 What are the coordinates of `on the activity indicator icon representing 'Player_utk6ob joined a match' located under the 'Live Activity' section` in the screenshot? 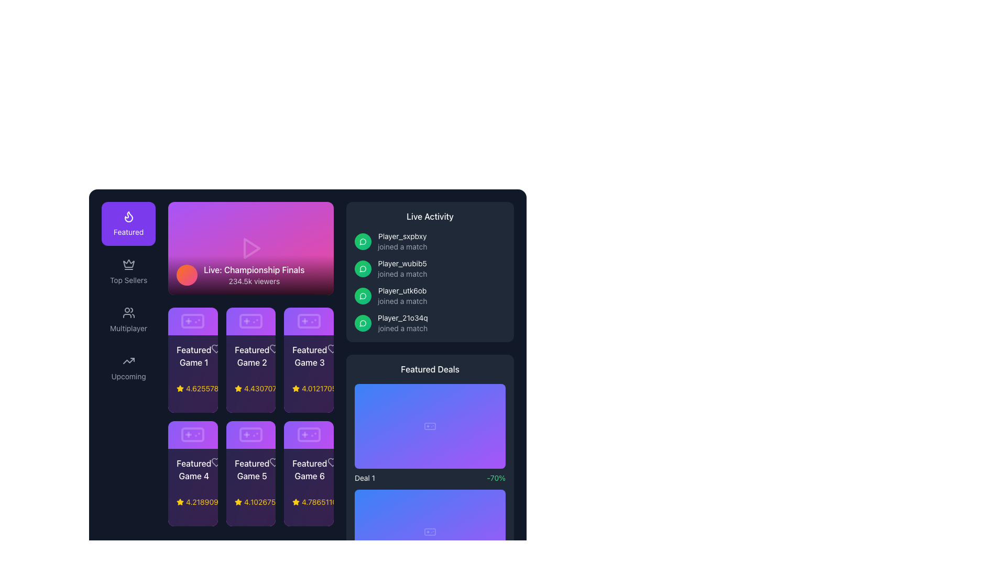 It's located at (363, 296).